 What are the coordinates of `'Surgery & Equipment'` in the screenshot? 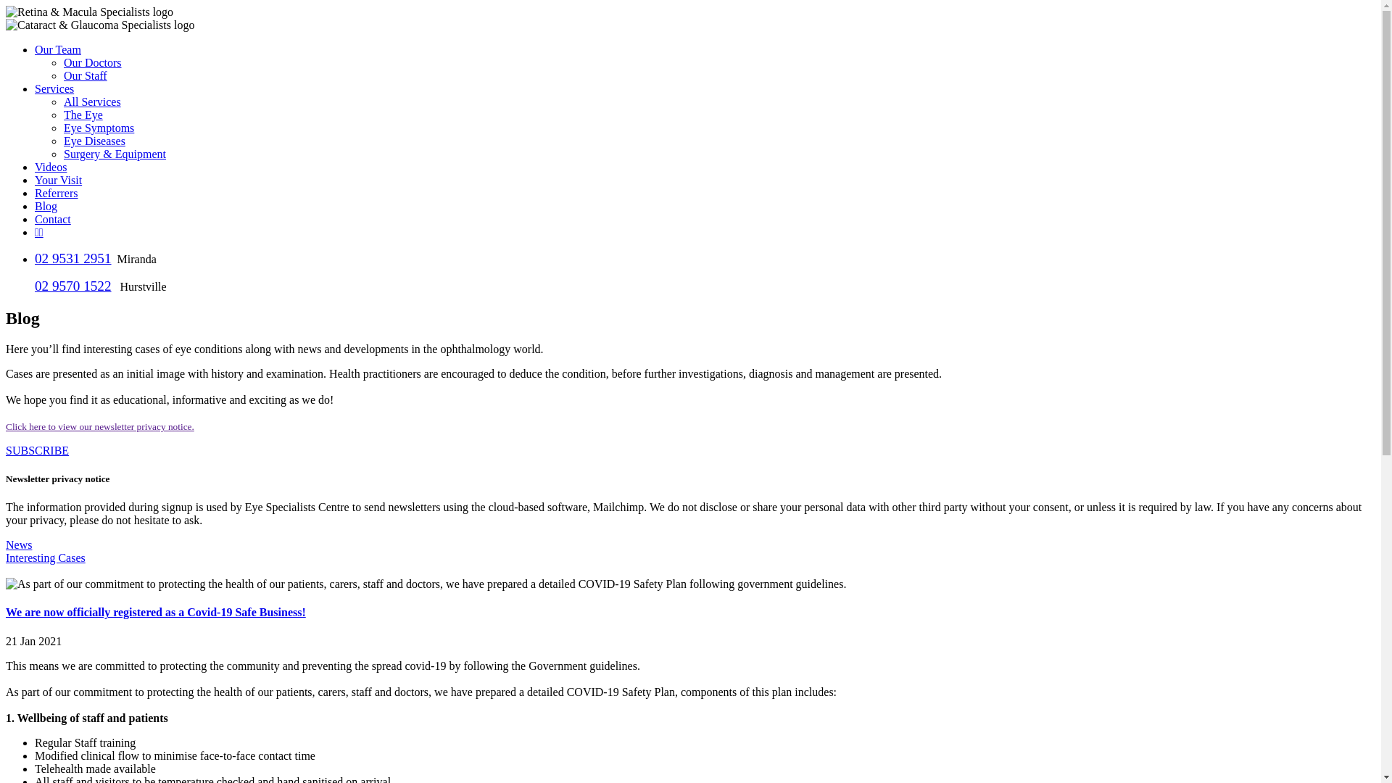 It's located at (114, 154).